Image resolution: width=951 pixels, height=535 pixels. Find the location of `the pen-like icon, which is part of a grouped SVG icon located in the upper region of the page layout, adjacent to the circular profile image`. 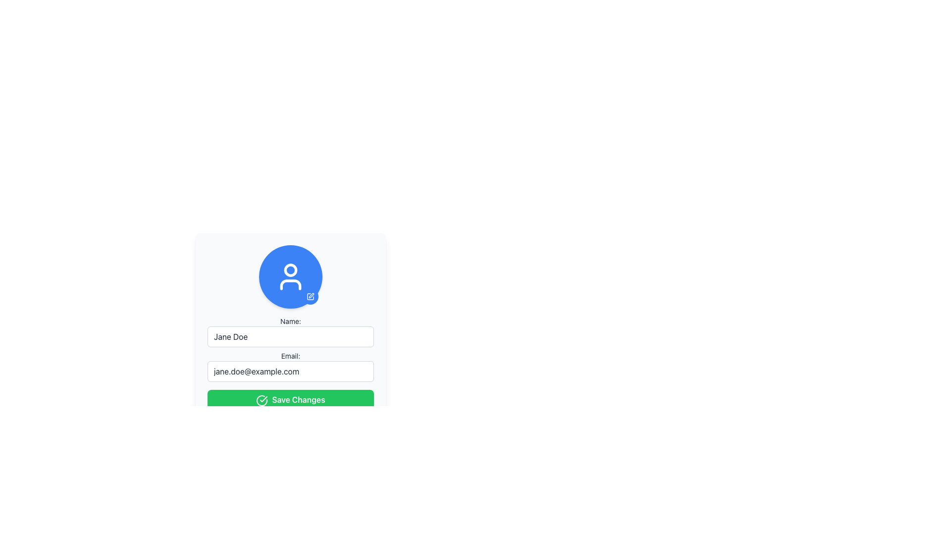

the pen-like icon, which is part of a grouped SVG icon located in the upper region of the page layout, adjacent to the circular profile image is located at coordinates (311, 295).